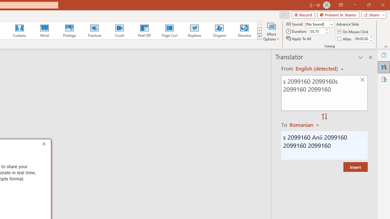 The width and height of the screenshot is (390, 219). What do you see at coordinates (299, 39) in the screenshot?
I see `'Apply To All'` at bounding box center [299, 39].